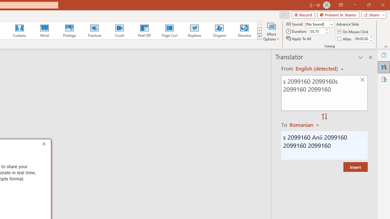 The width and height of the screenshot is (390, 219). What do you see at coordinates (299, 39) in the screenshot?
I see `'Apply To All'` at bounding box center [299, 39].